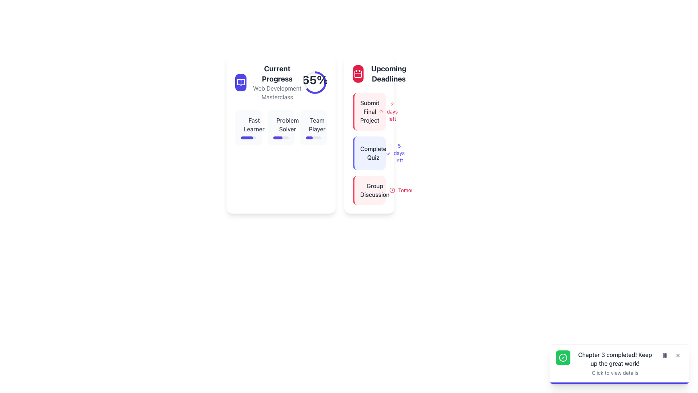 This screenshot has height=393, width=698. What do you see at coordinates (313, 138) in the screenshot?
I see `the small horizontal progress bar with a light gray background and indigo filled portion located in the 'Team Player' section of the 'Current Progress' widget` at bounding box center [313, 138].